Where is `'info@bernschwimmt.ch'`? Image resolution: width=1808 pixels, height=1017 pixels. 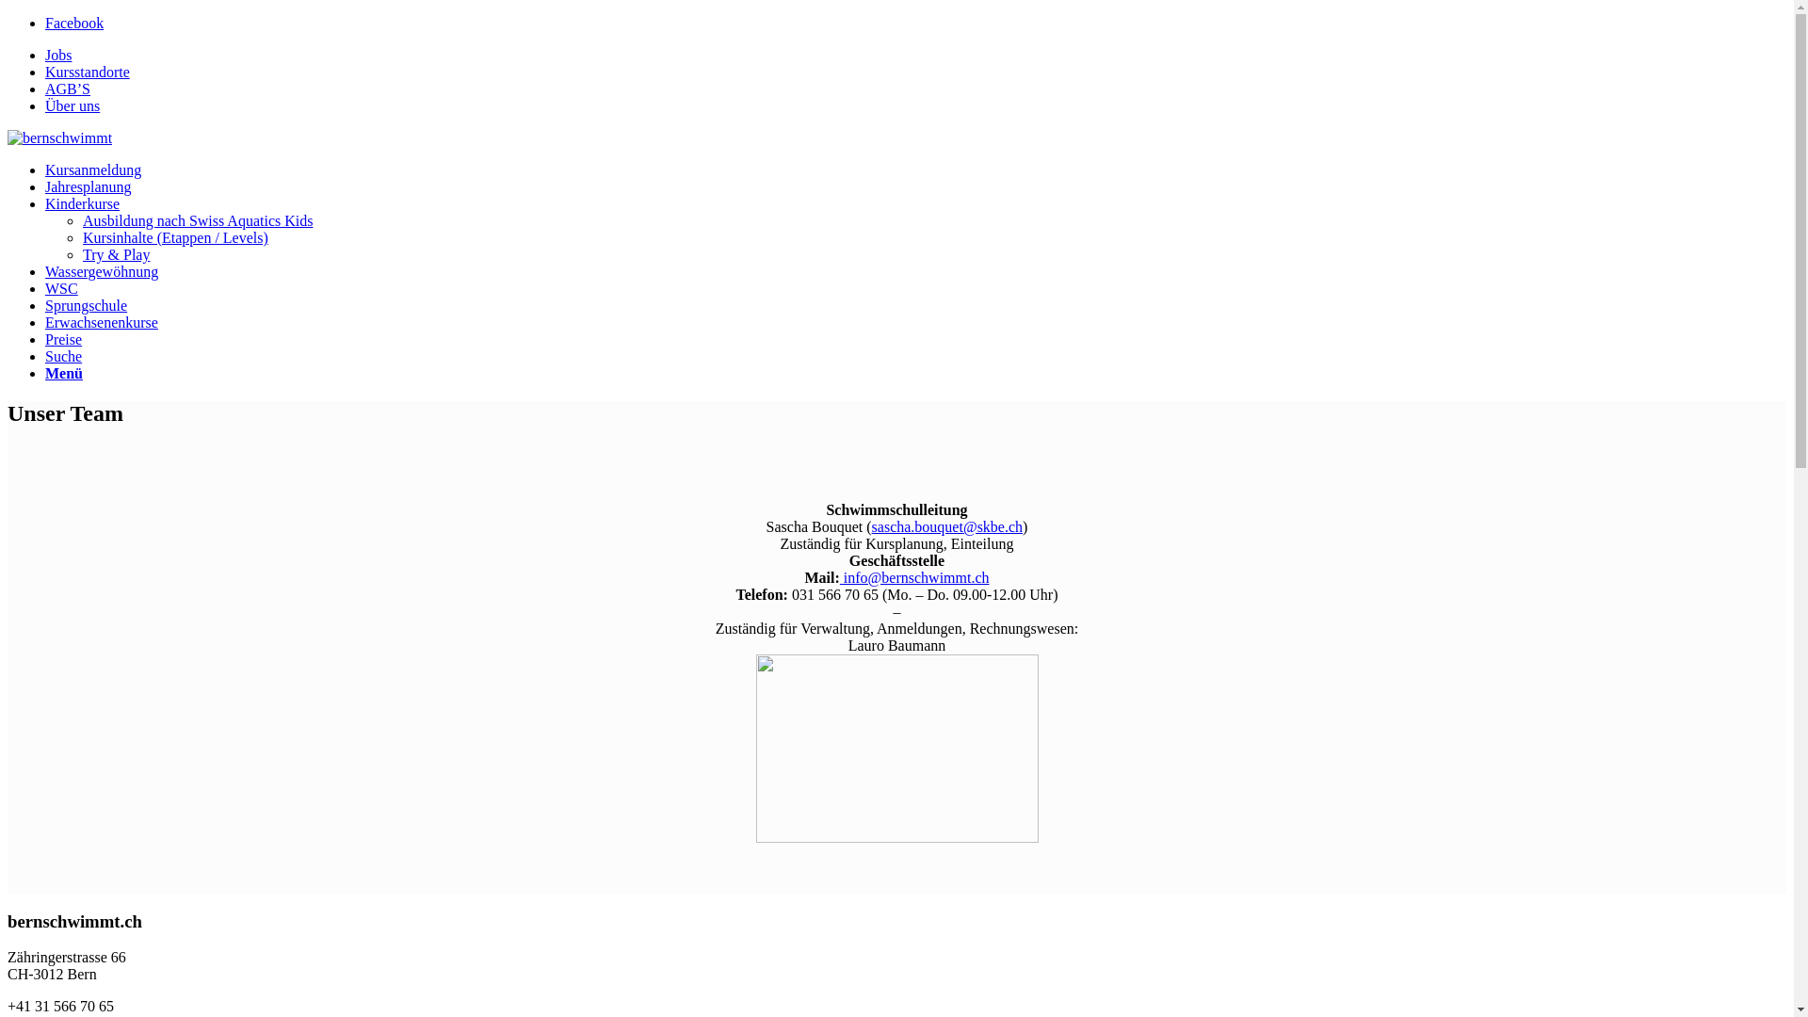
'info@bernschwimmt.ch' is located at coordinates (914, 576).